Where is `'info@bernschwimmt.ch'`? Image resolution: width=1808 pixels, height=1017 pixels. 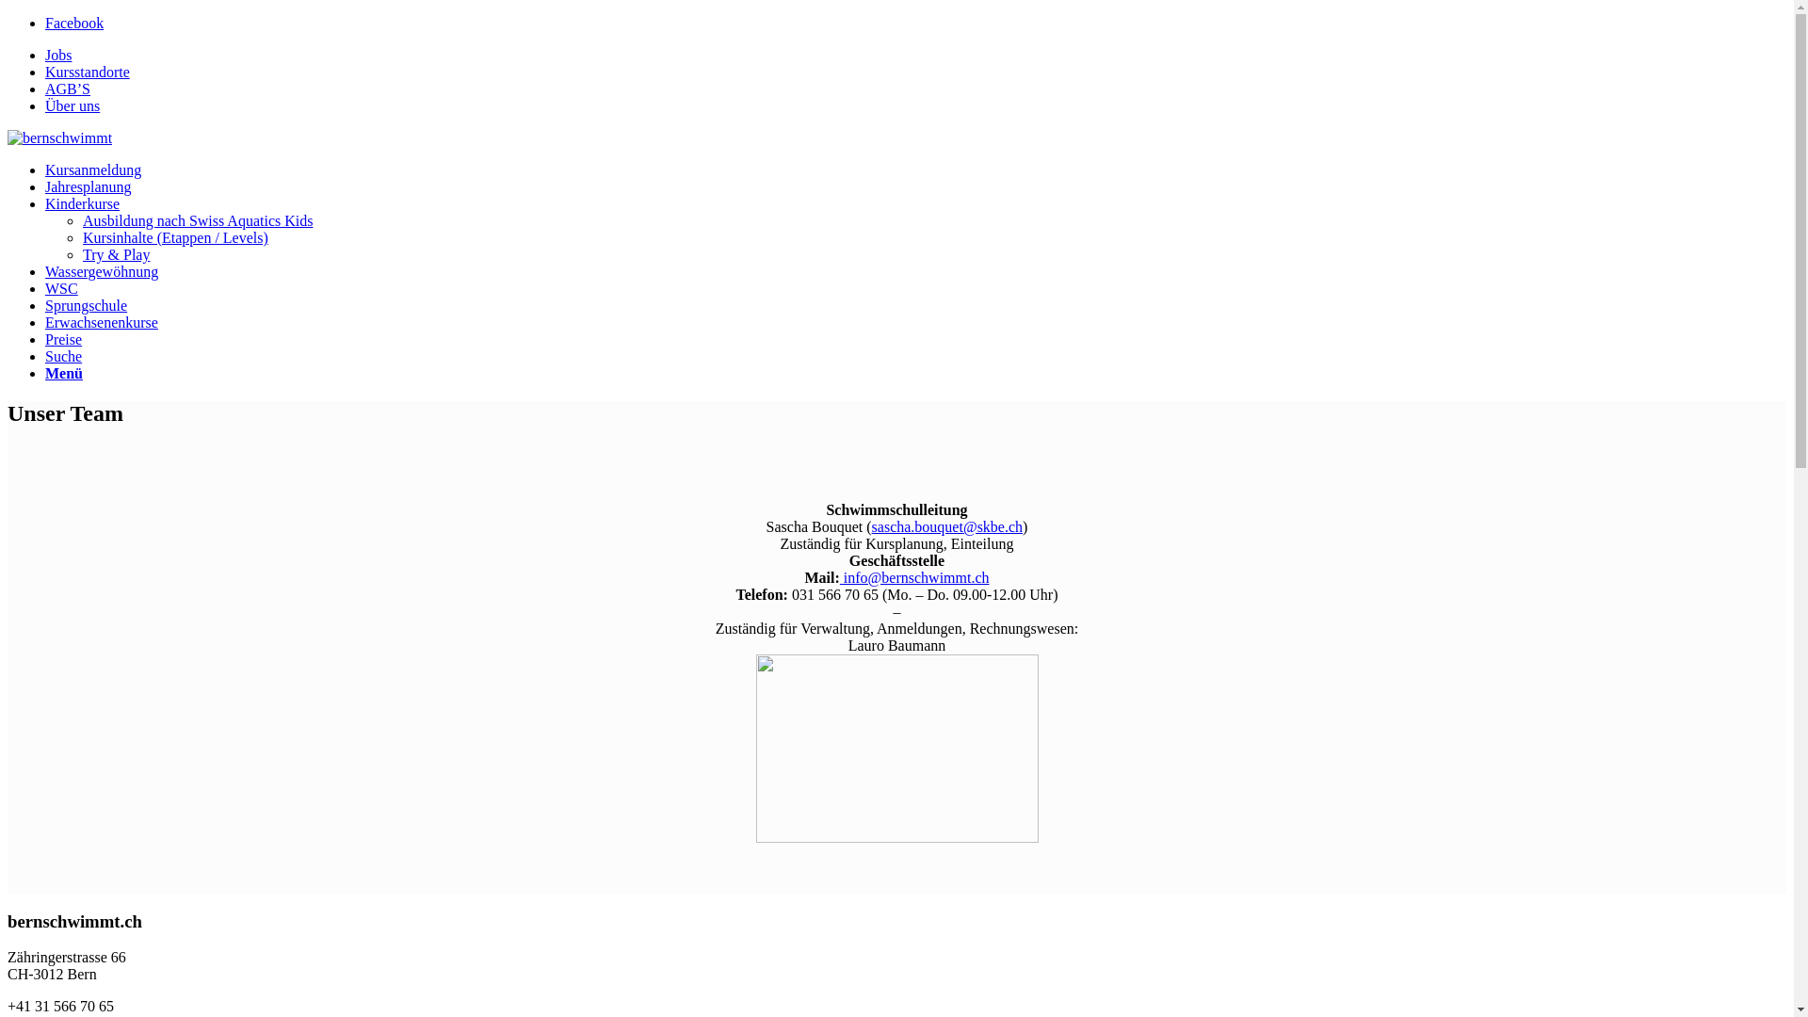
'info@bernschwimmt.ch' is located at coordinates (914, 576).